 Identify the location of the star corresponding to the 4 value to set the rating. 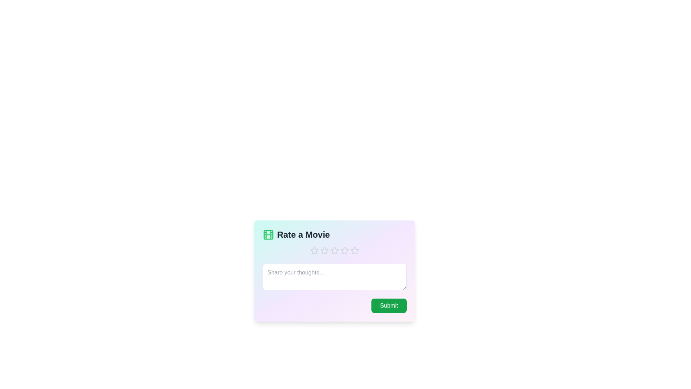
(344, 250).